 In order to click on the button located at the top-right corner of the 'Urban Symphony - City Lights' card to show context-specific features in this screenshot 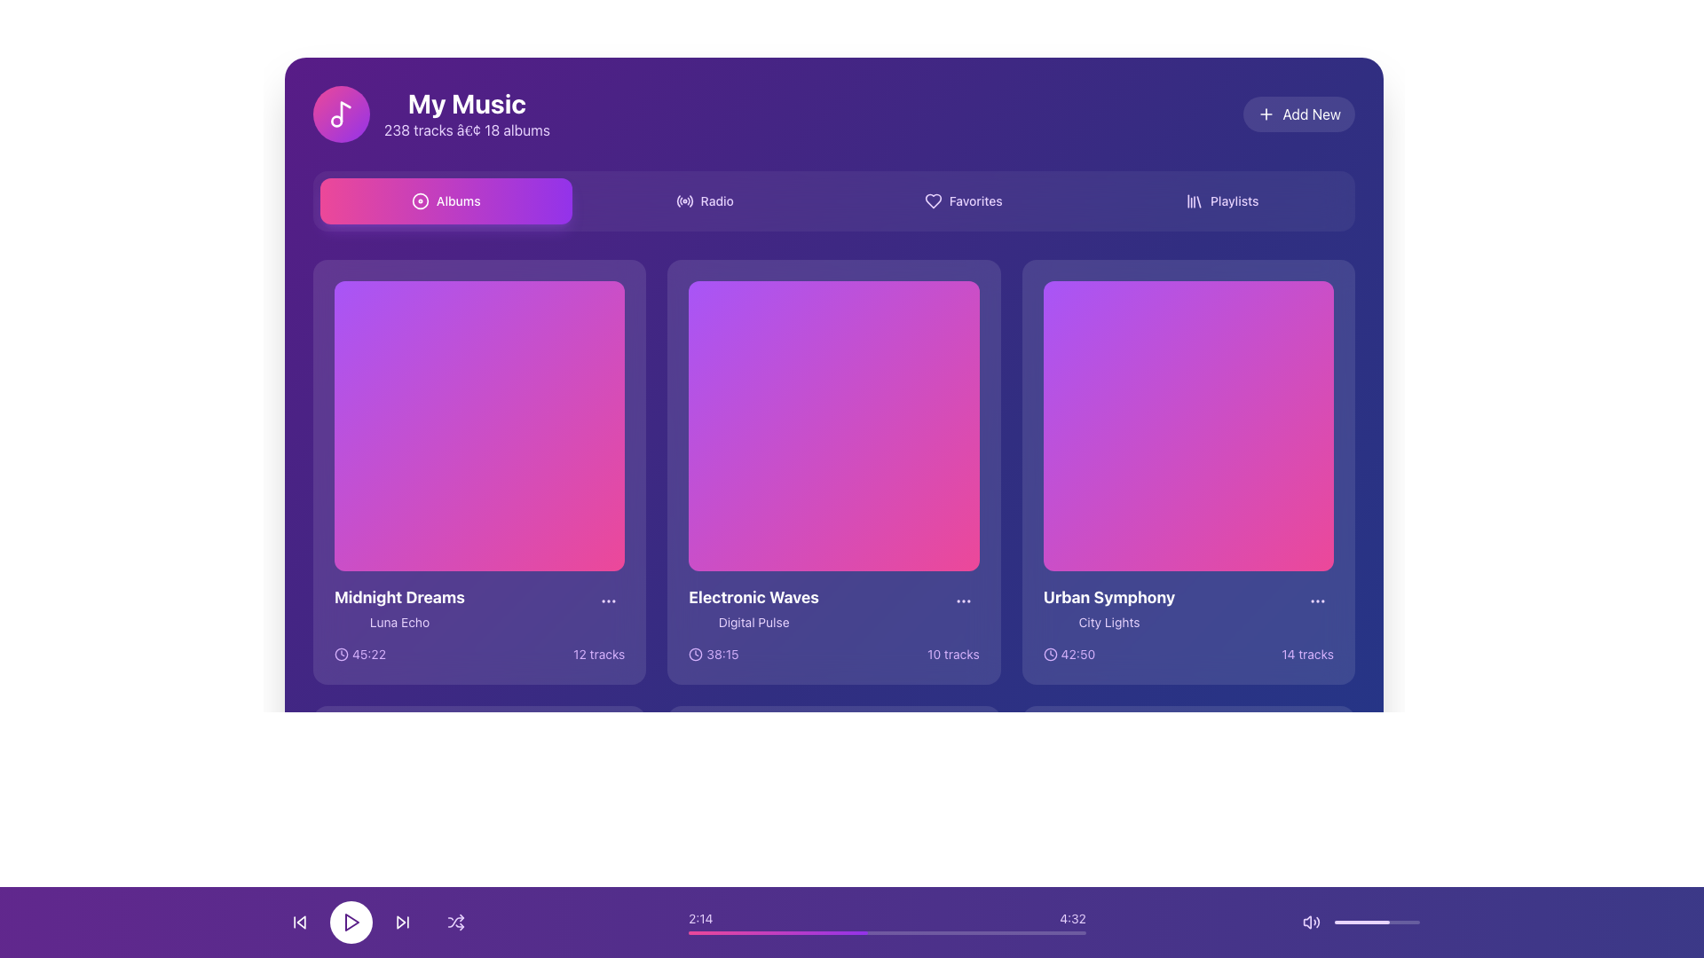, I will do `click(1317, 601)`.